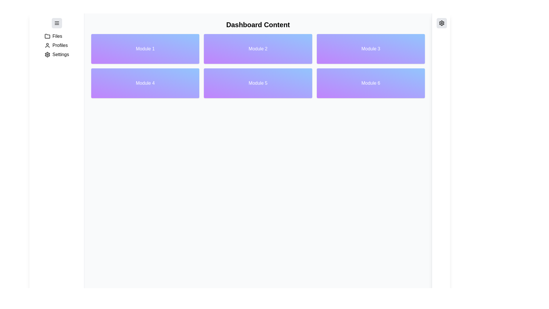  What do you see at coordinates (441, 23) in the screenshot?
I see `the settings icon located in the top-right corner of the interface within the vertical white sidebar` at bounding box center [441, 23].